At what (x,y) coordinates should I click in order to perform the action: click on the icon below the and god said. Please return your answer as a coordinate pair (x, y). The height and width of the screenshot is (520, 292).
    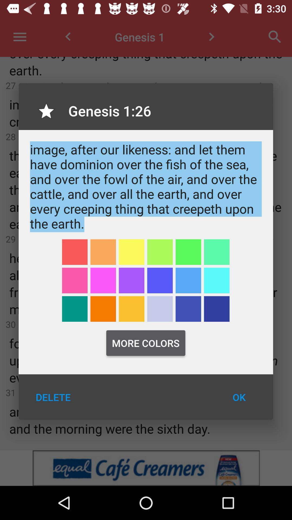
    Looking at the image, I should click on (131, 252).